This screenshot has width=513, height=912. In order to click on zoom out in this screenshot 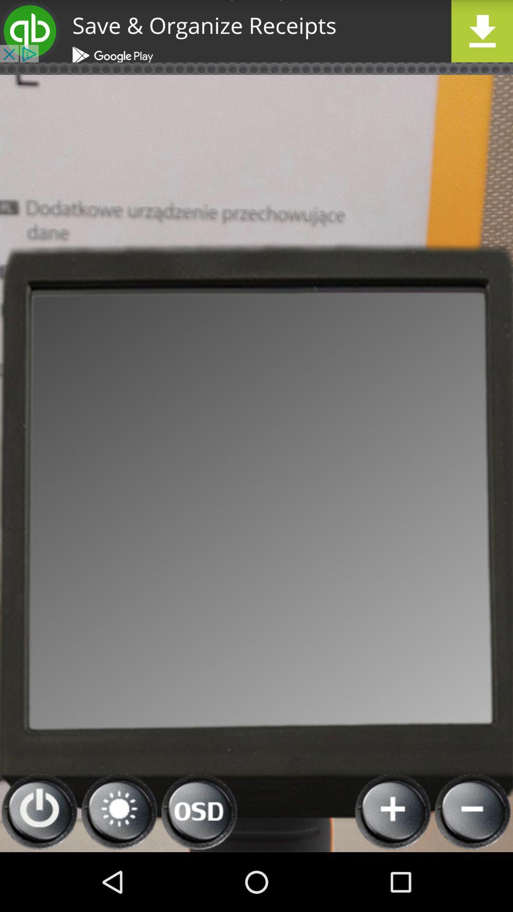, I will do `click(473, 811)`.